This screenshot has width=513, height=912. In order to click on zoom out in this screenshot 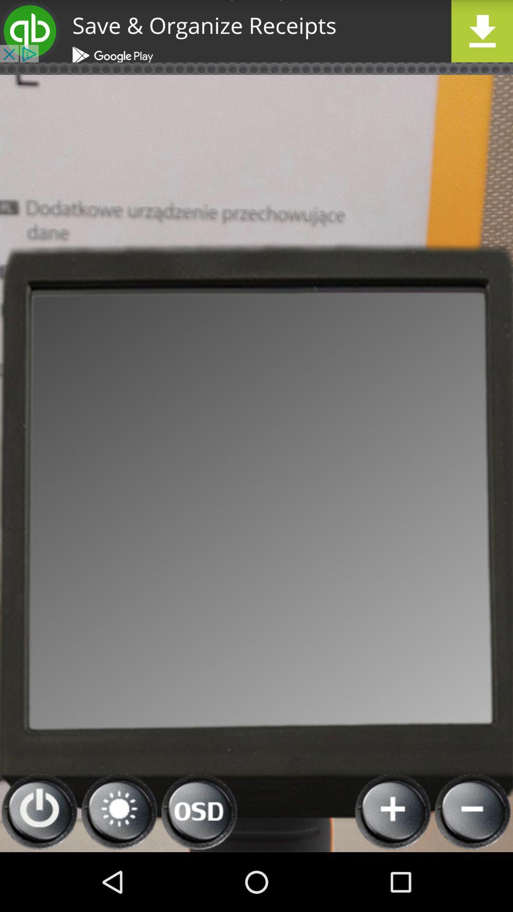, I will do `click(473, 811)`.